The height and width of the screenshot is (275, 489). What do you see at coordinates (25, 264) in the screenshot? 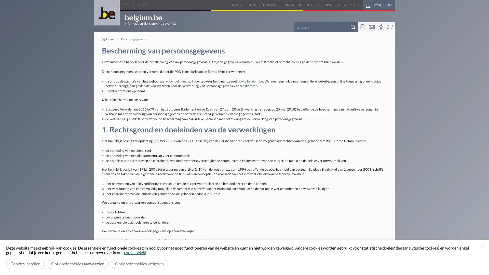
I see `Cookies instellen` at bounding box center [25, 264].